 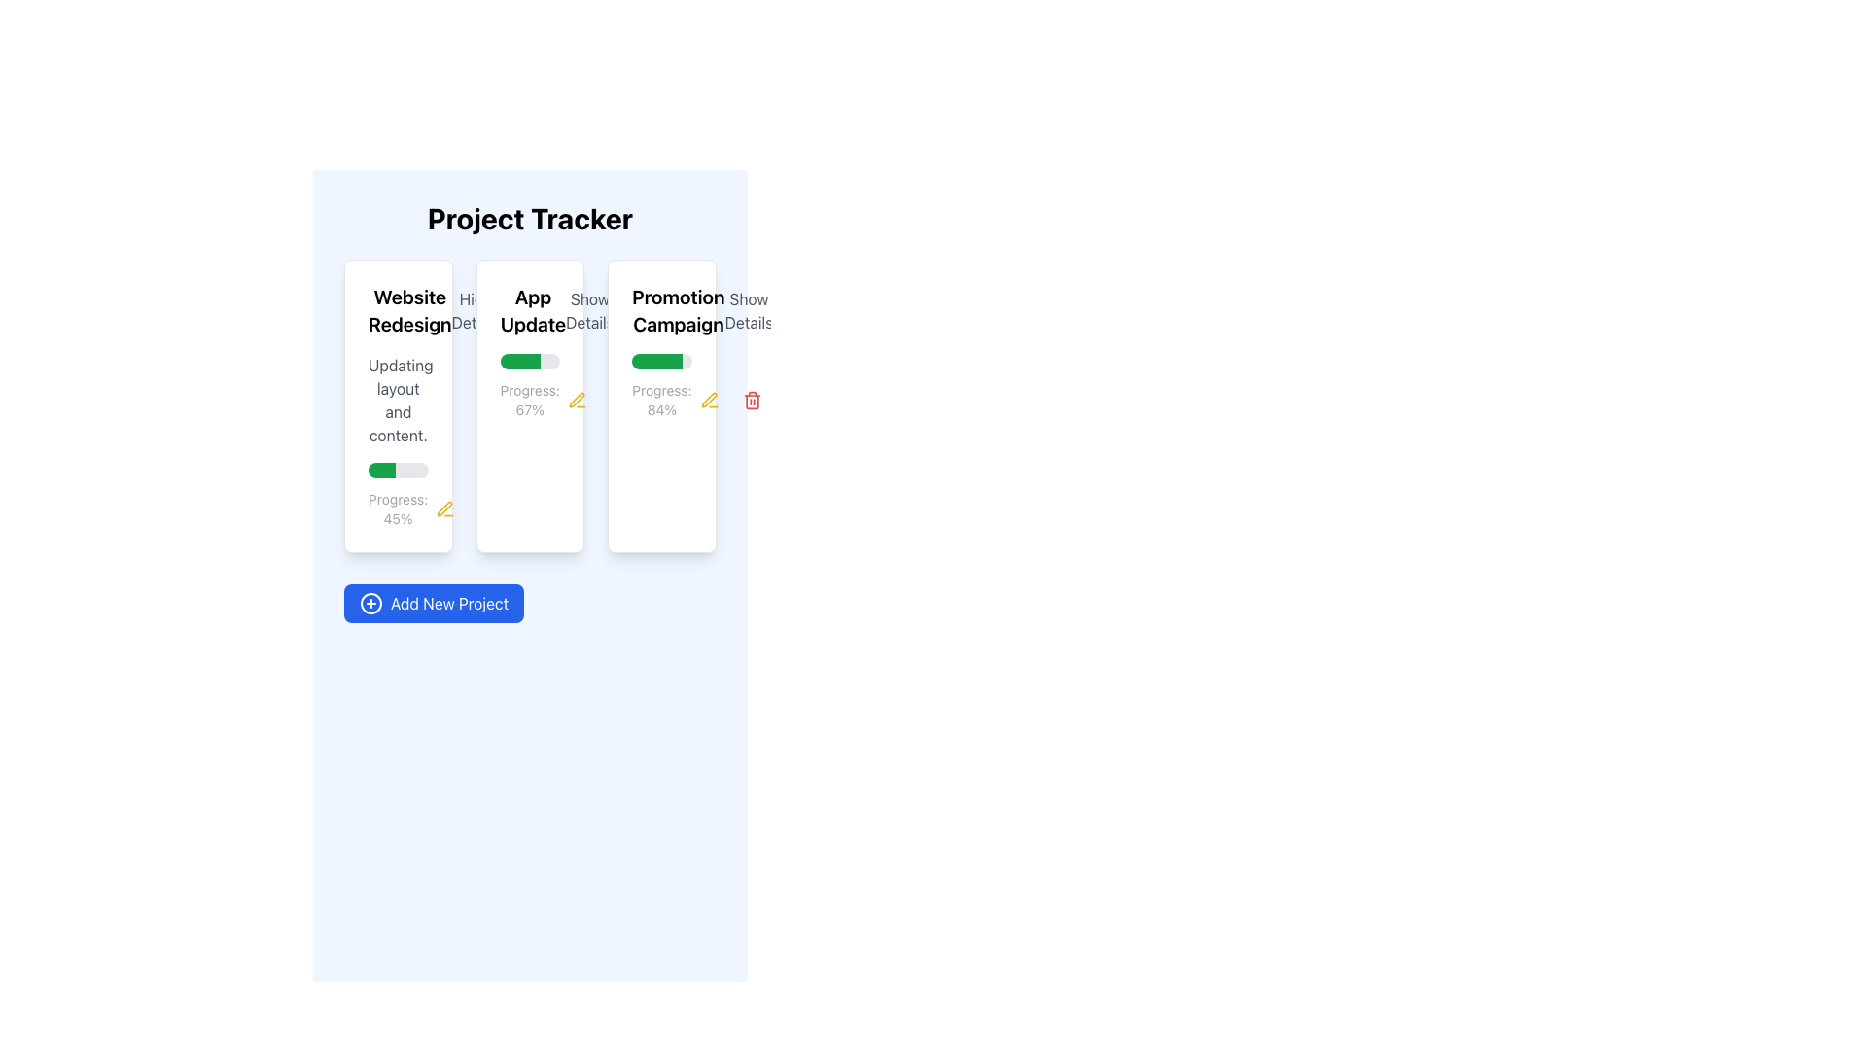 I want to click on the project card in the dashboard, so click(x=530, y=404).